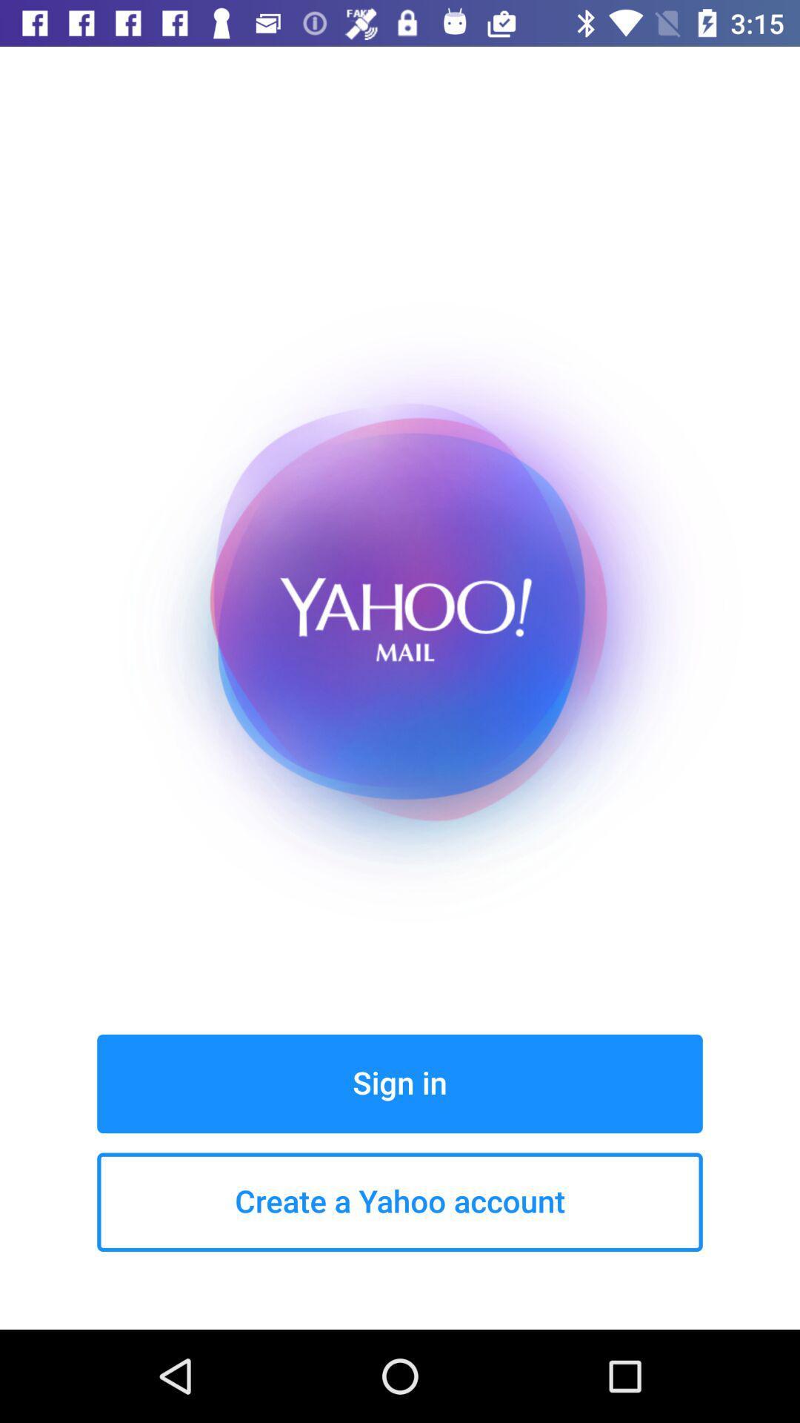 This screenshot has height=1423, width=800. Describe the element at coordinates (400, 1084) in the screenshot. I see `item above create a yahoo icon` at that location.